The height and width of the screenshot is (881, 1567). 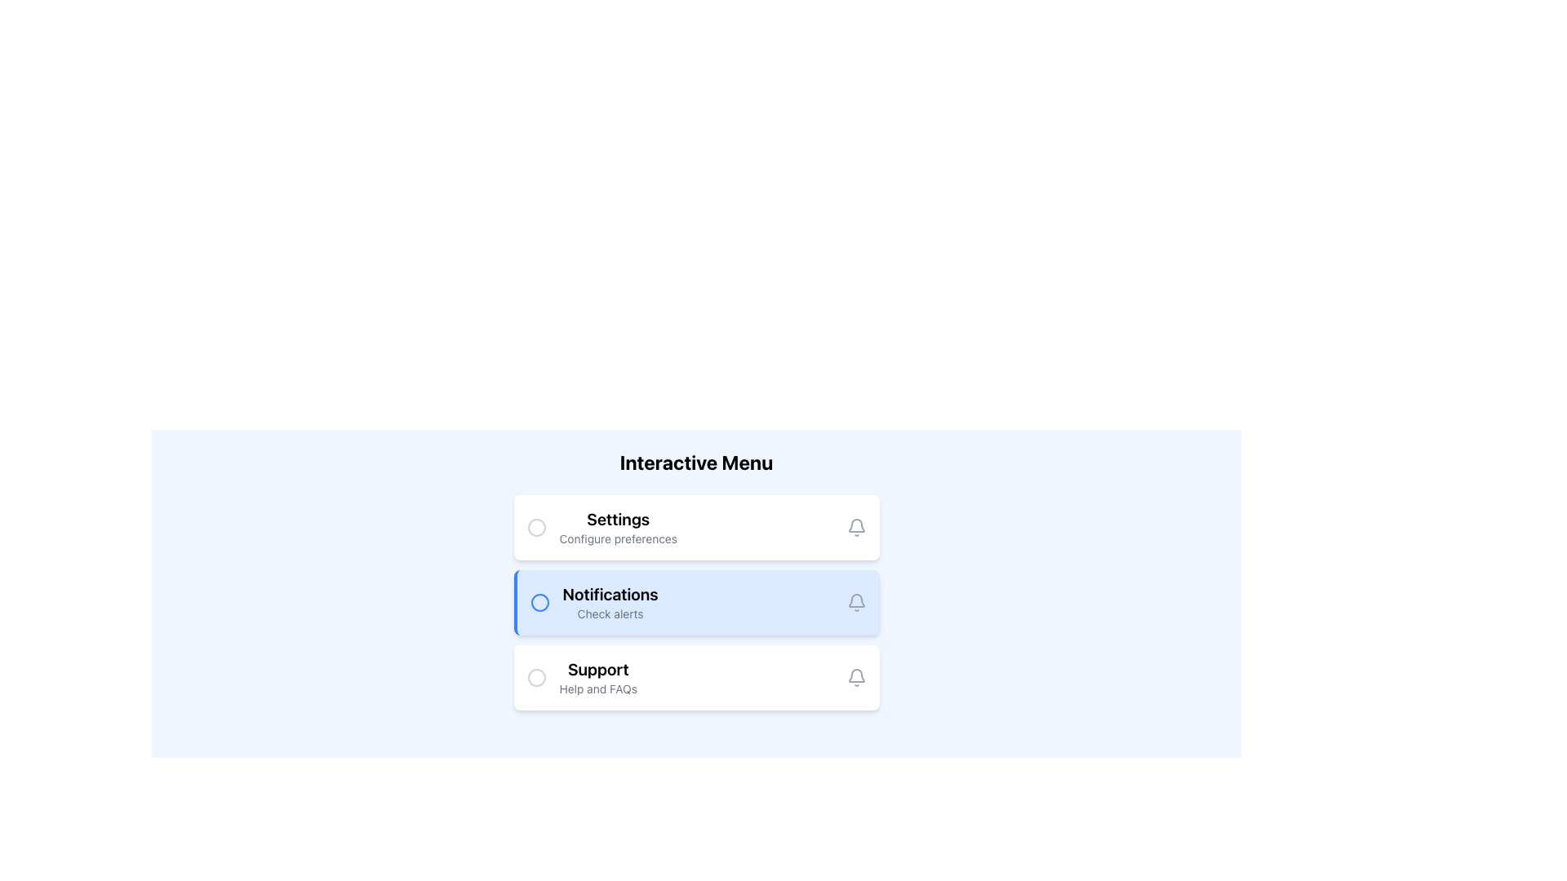 I want to click on the third entry in the vertical interactive menu list, which serves as a label for support options or FAQs, located below 'Notifications', so click(x=597, y=677).